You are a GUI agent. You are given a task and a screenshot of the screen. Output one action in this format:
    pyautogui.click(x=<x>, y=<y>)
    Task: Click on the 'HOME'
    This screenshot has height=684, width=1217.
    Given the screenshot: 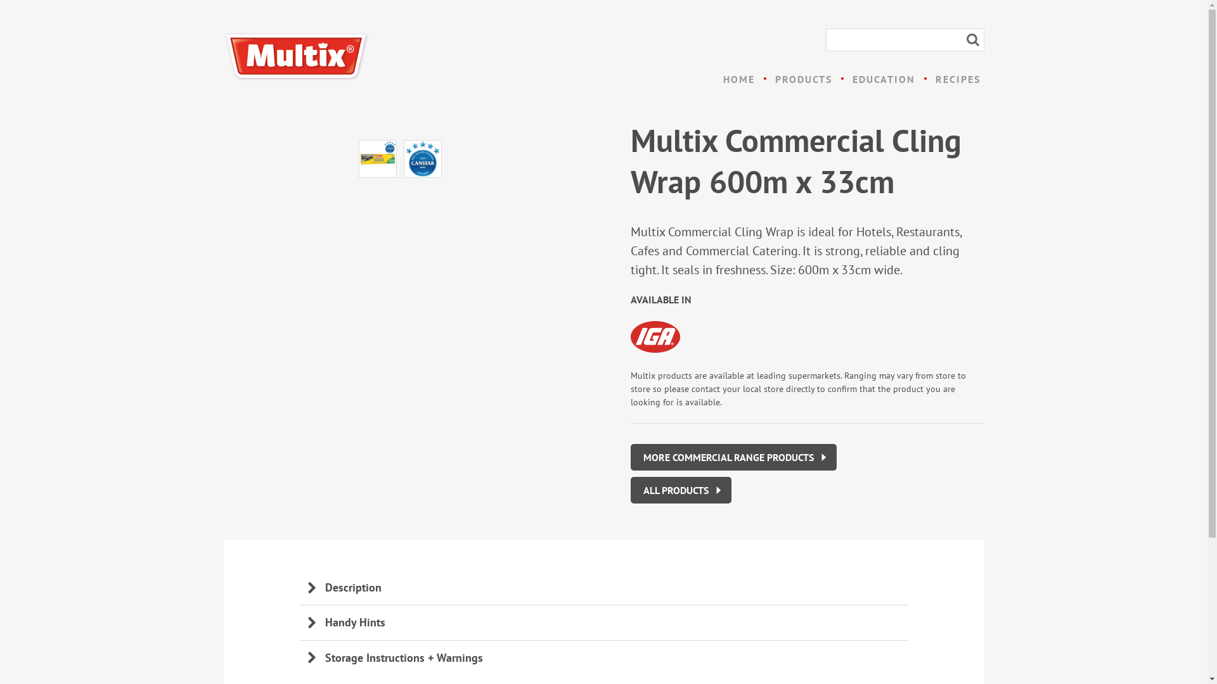 What is the action you would take?
    pyautogui.click(x=738, y=79)
    